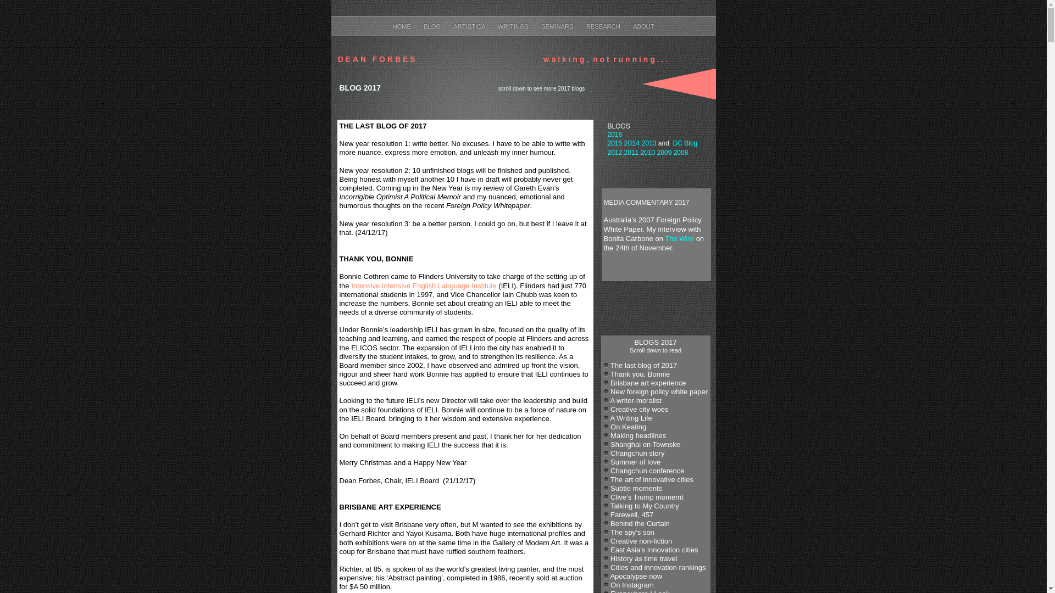 The height and width of the screenshot is (593, 1055). Describe the element at coordinates (402, 25) in the screenshot. I see `'HOME'` at that location.